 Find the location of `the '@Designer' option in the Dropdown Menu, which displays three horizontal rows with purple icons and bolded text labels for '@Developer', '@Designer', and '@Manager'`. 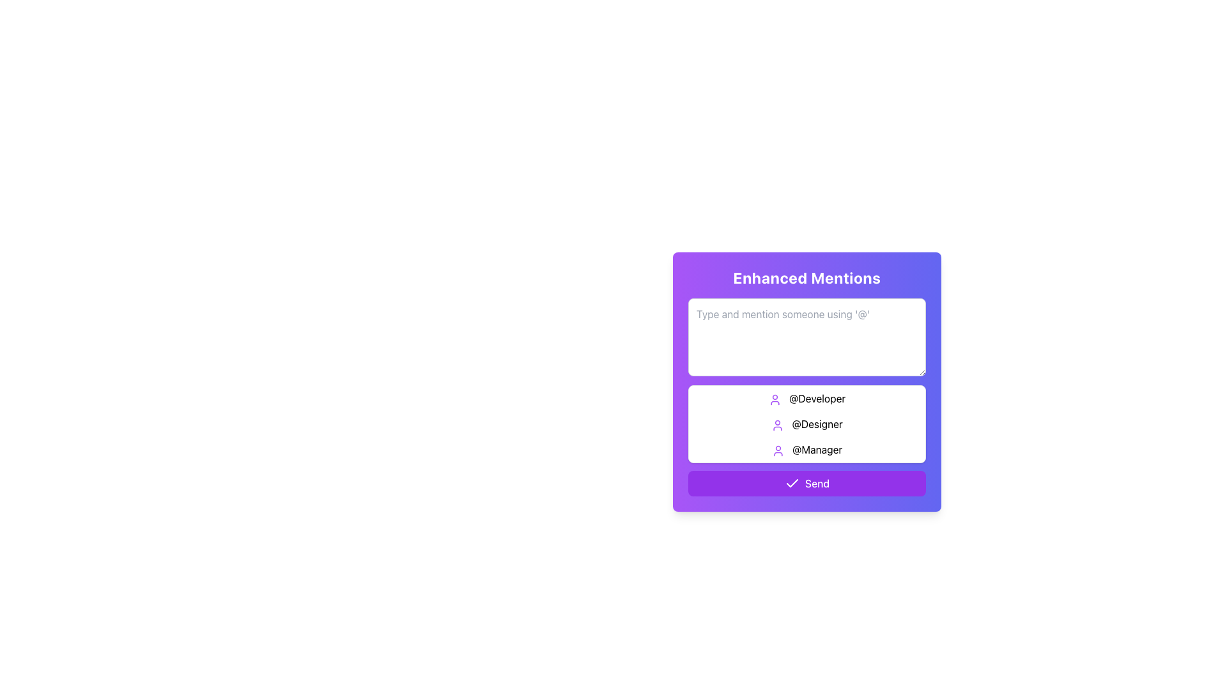

the '@Designer' option in the Dropdown Menu, which displays three horizontal rows with purple icons and bolded text labels for '@Developer', '@Designer', and '@Manager' is located at coordinates (806, 424).